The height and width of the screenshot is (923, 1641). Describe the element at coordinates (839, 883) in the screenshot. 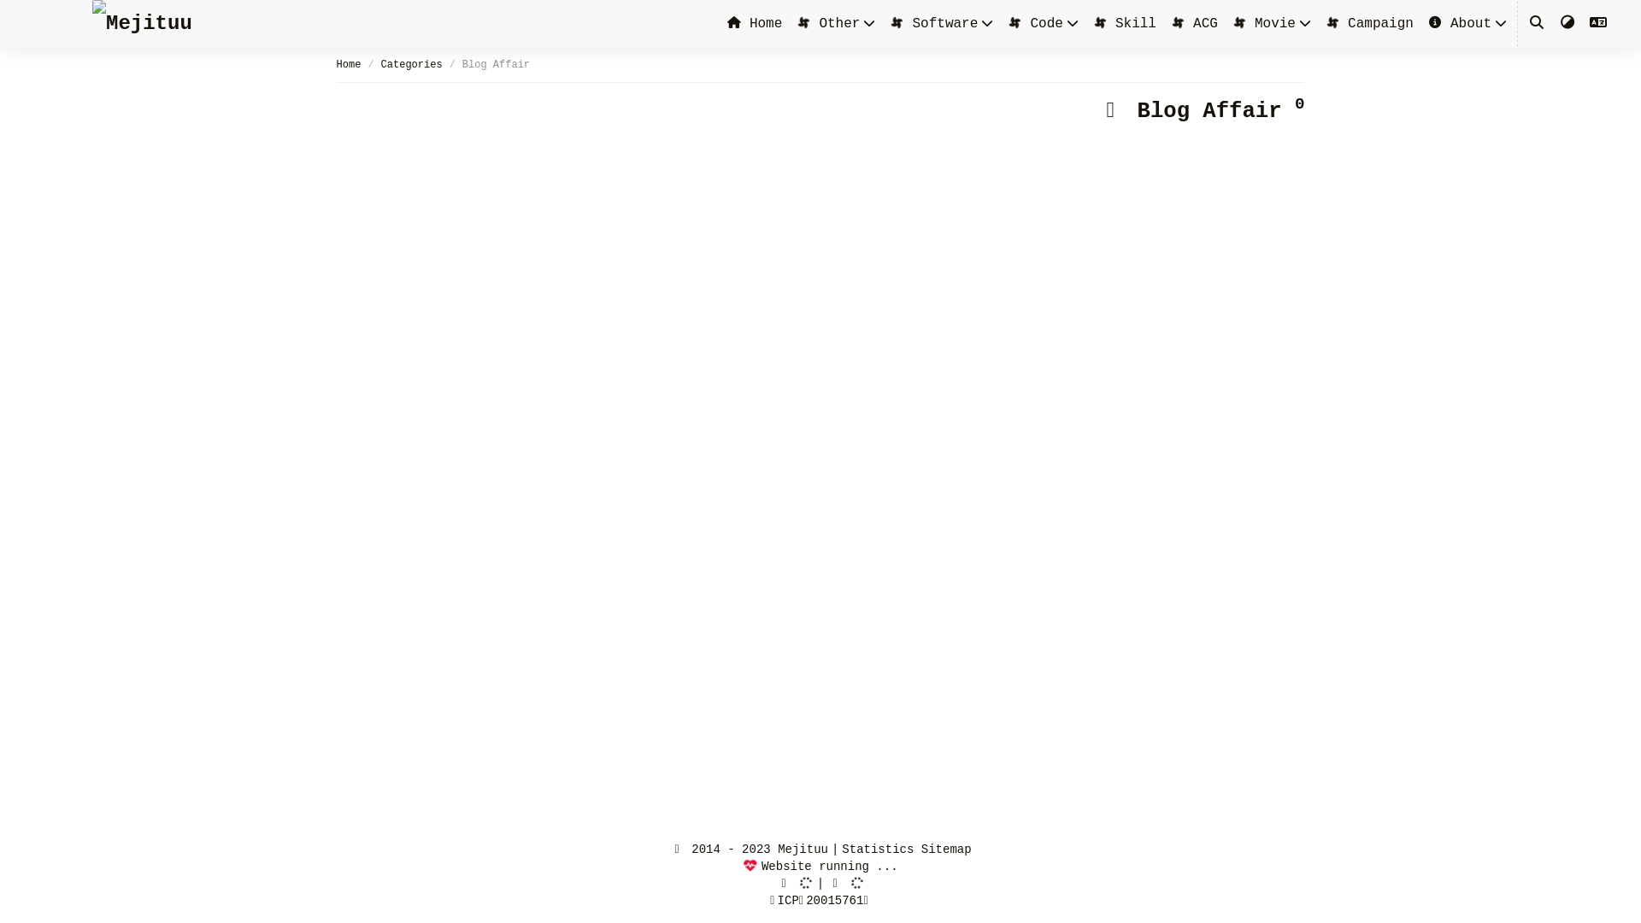

I see `'Total visits'` at that location.